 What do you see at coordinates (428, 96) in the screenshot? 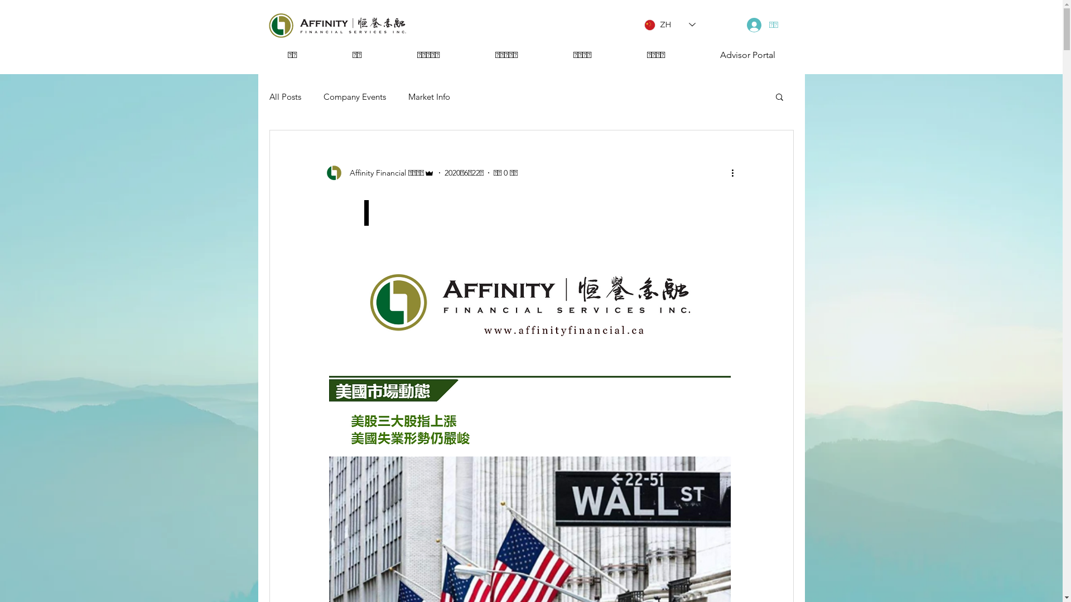
I see `'Market Info'` at bounding box center [428, 96].